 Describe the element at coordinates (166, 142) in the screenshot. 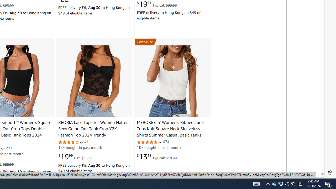

I see `'674'` at that location.